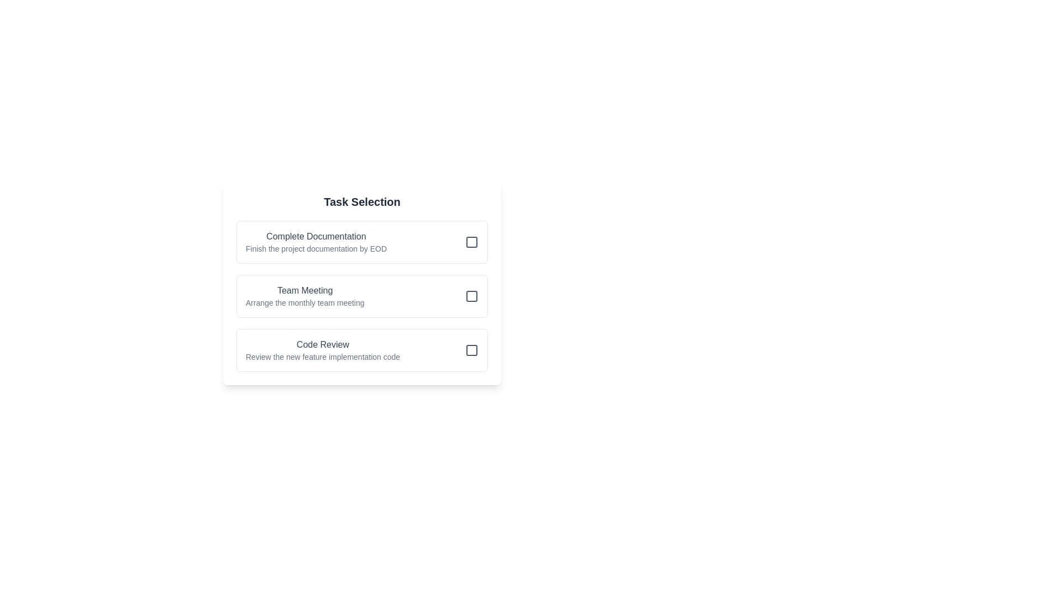  Describe the element at coordinates (316, 242) in the screenshot. I see `the static text block titled 'Complete Documentation' which describes the task to finish the project documentation by EOD` at that location.